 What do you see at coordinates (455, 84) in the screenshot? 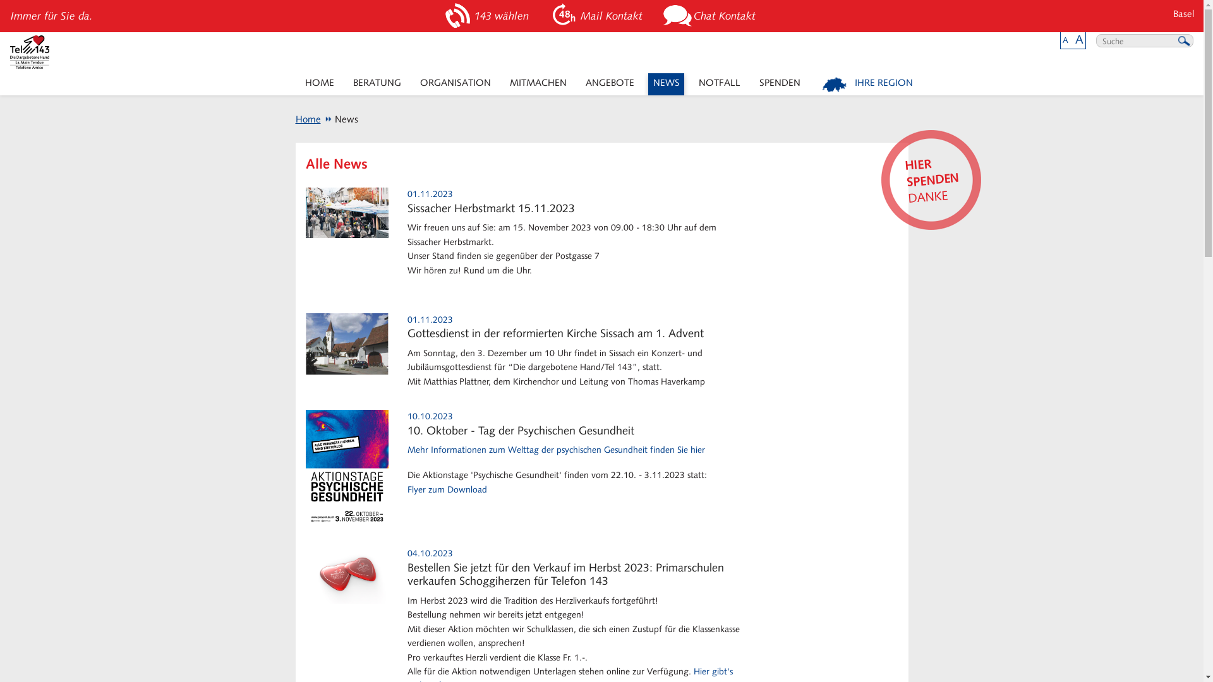
I see `'ORGANISATION'` at bounding box center [455, 84].